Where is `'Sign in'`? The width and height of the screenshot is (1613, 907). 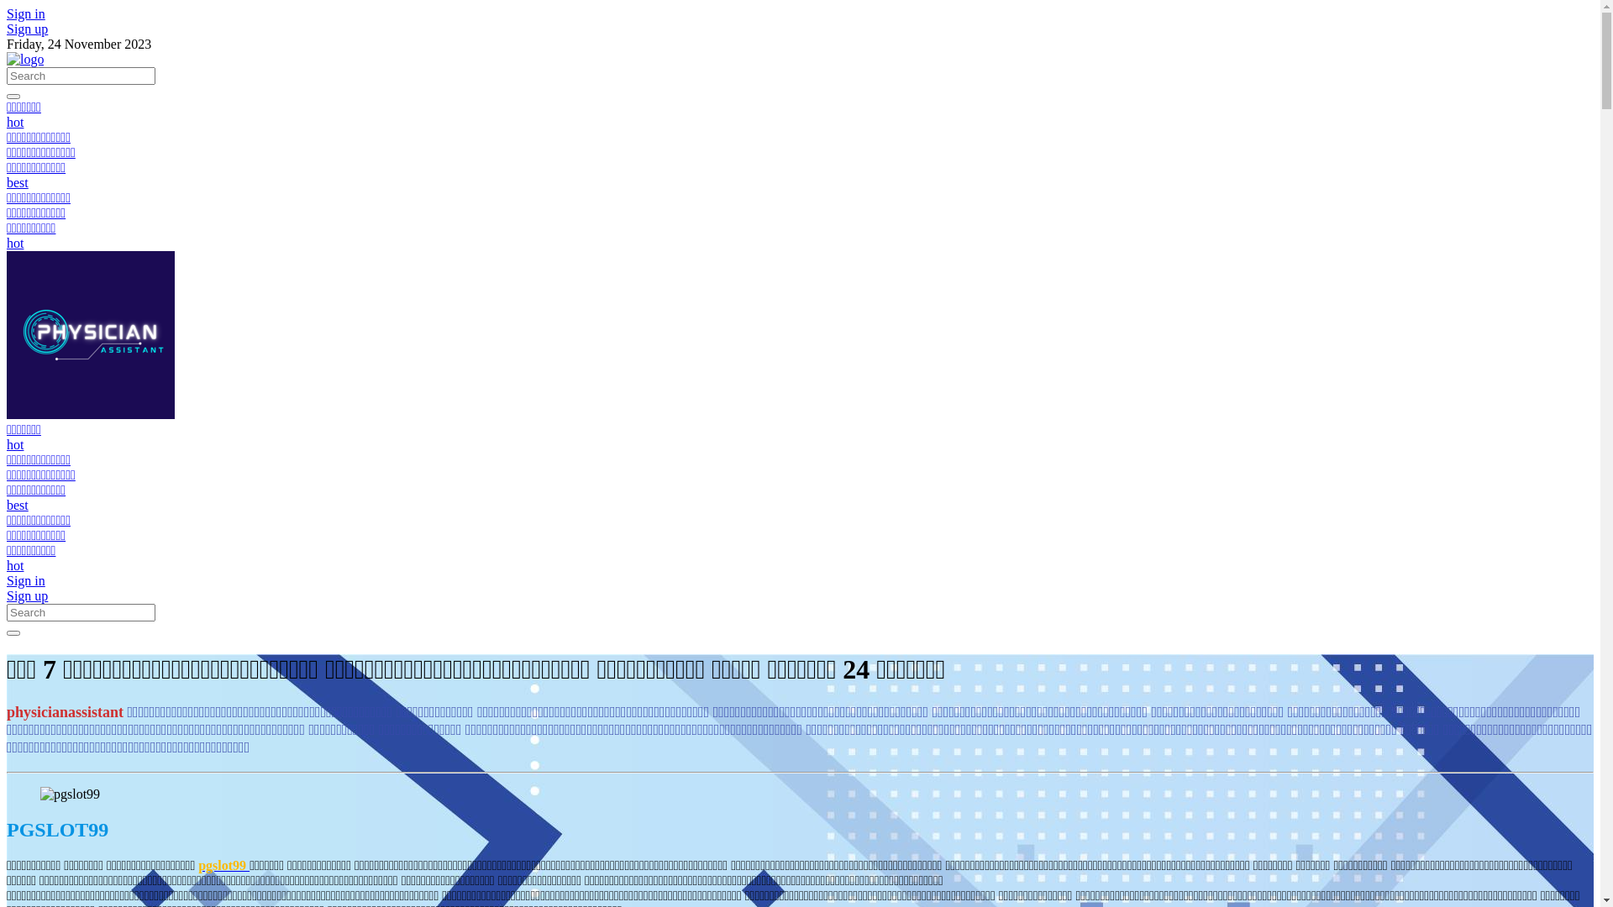 'Sign in' is located at coordinates (25, 13).